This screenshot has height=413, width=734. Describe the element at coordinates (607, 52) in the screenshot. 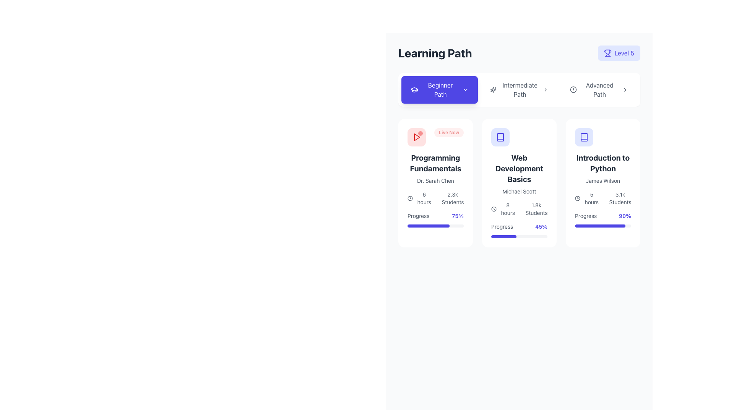

I see `the trophy icon in the top-right section of the interface, which represents an achievement or level, located near the 'Level 5' label` at that location.